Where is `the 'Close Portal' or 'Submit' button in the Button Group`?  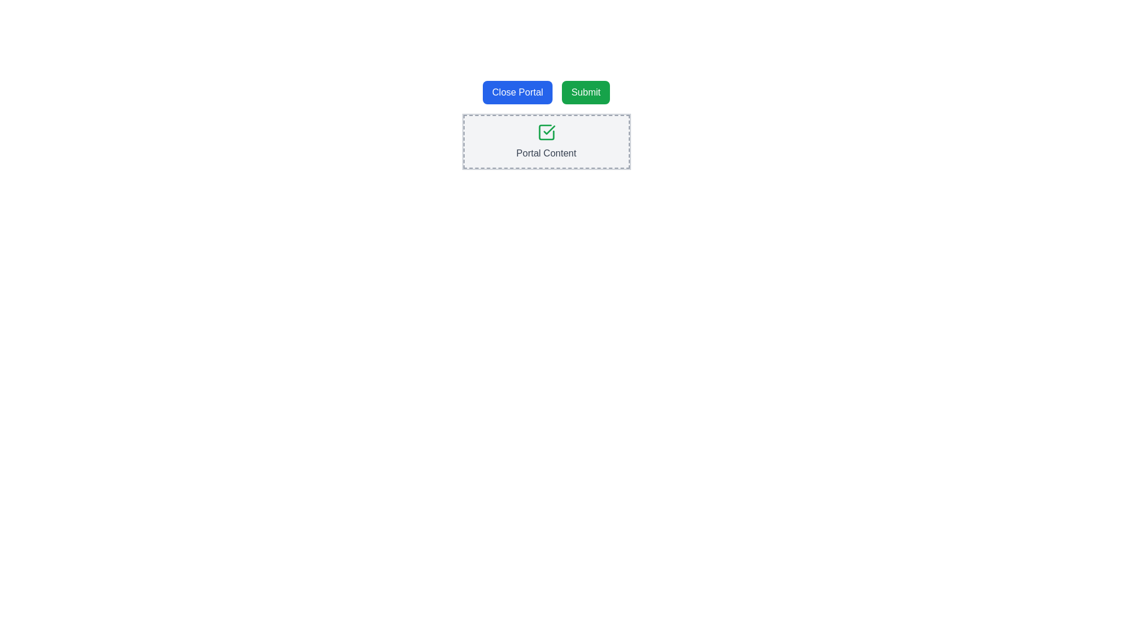
the 'Close Portal' or 'Submit' button in the Button Group is located at coordinates (546, 92).